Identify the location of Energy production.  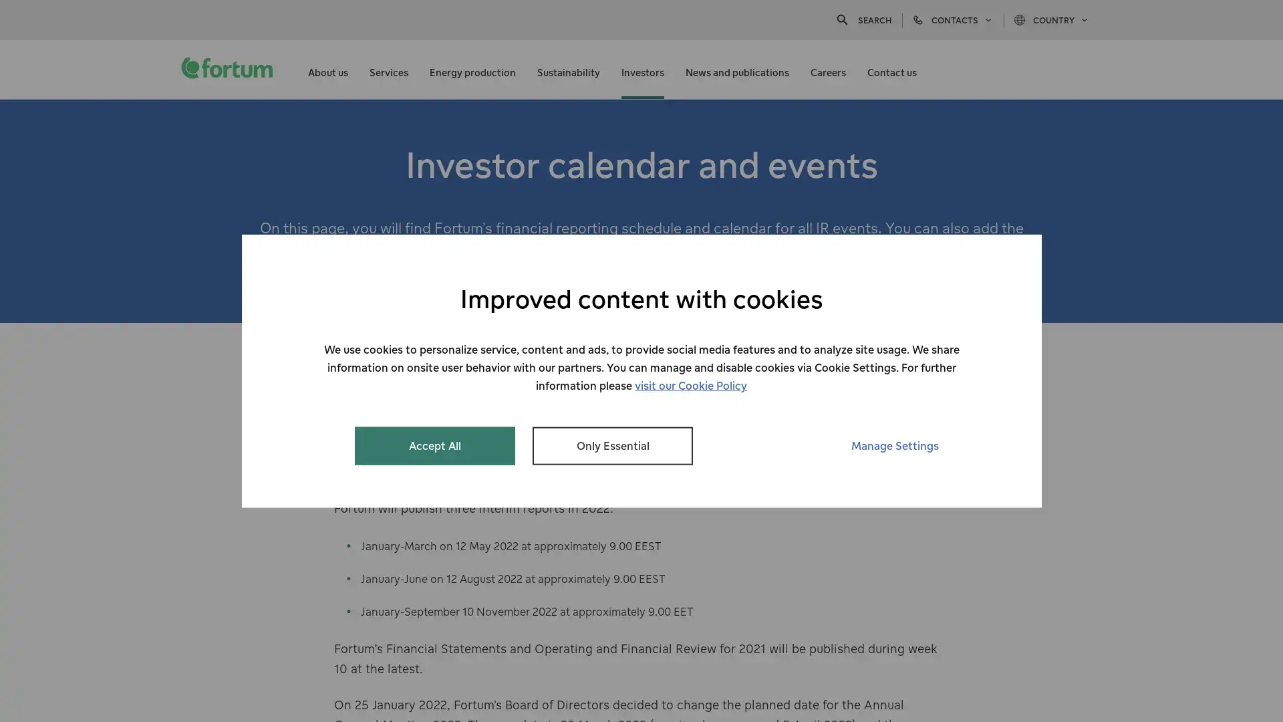
(472, 70).